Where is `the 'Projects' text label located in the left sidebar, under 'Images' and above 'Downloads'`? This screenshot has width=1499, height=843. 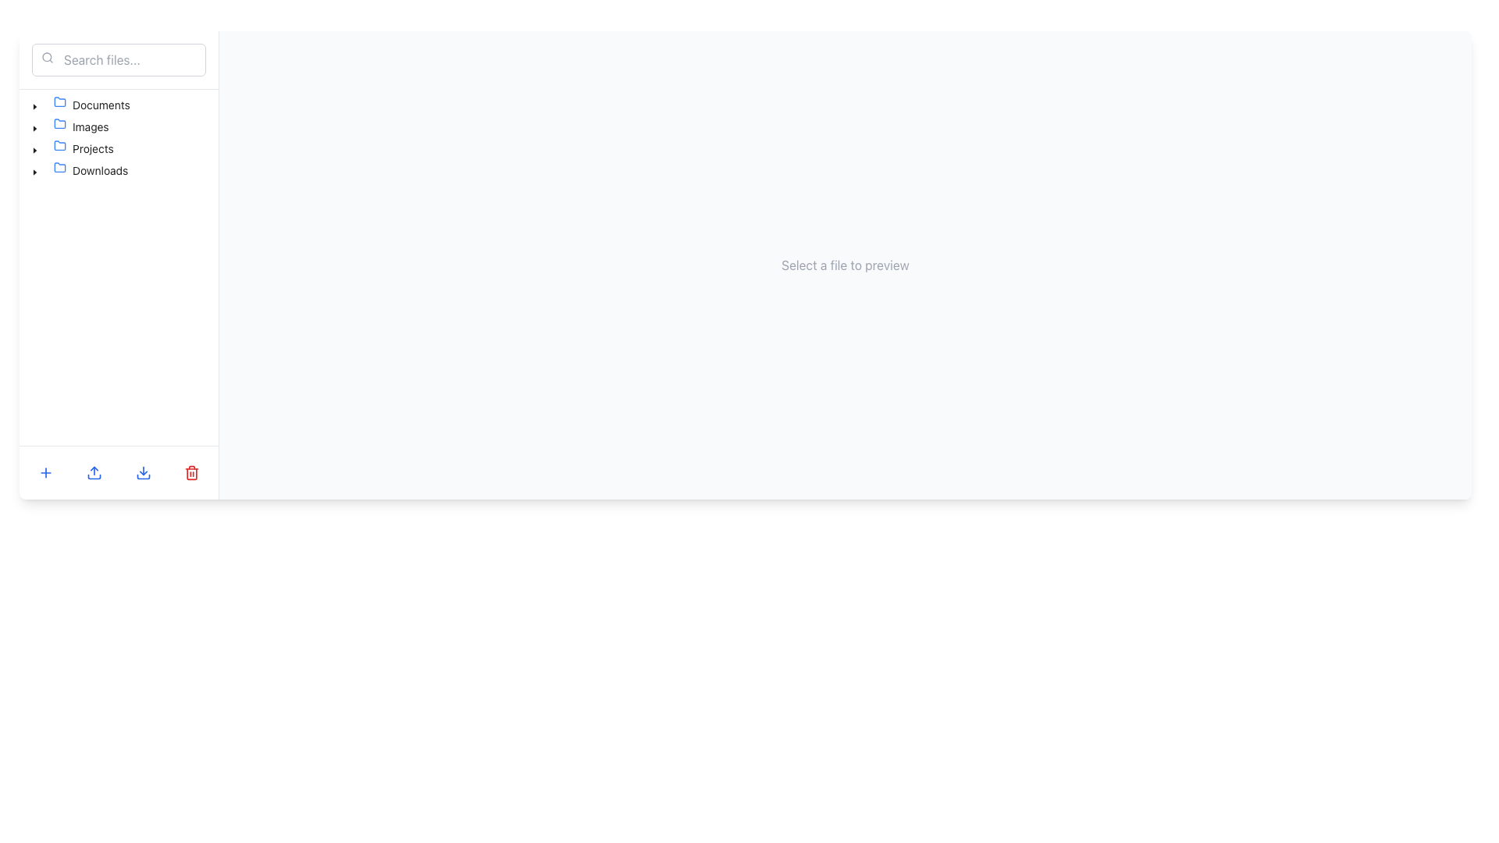 the 'Projects' text label located in the left sidebar, under 'Images' and above 'Downloads' is located at coordinates (92, 148).